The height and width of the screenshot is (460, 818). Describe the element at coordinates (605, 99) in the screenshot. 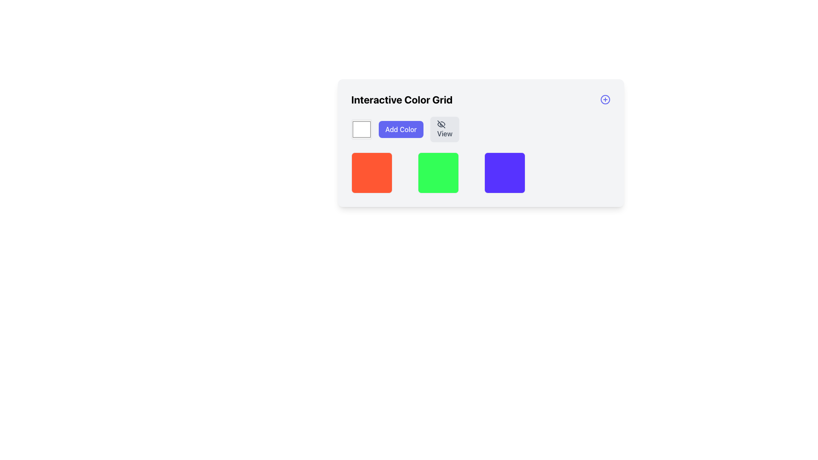

I see `the add icon in the top-right corner of the 'Interactive Color Grid' interface` at that location.